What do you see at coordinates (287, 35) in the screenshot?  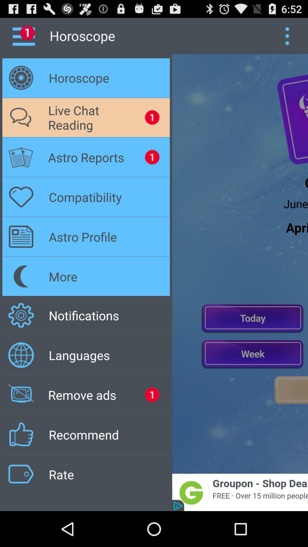 I see `information` at bounding box center [287, 35].